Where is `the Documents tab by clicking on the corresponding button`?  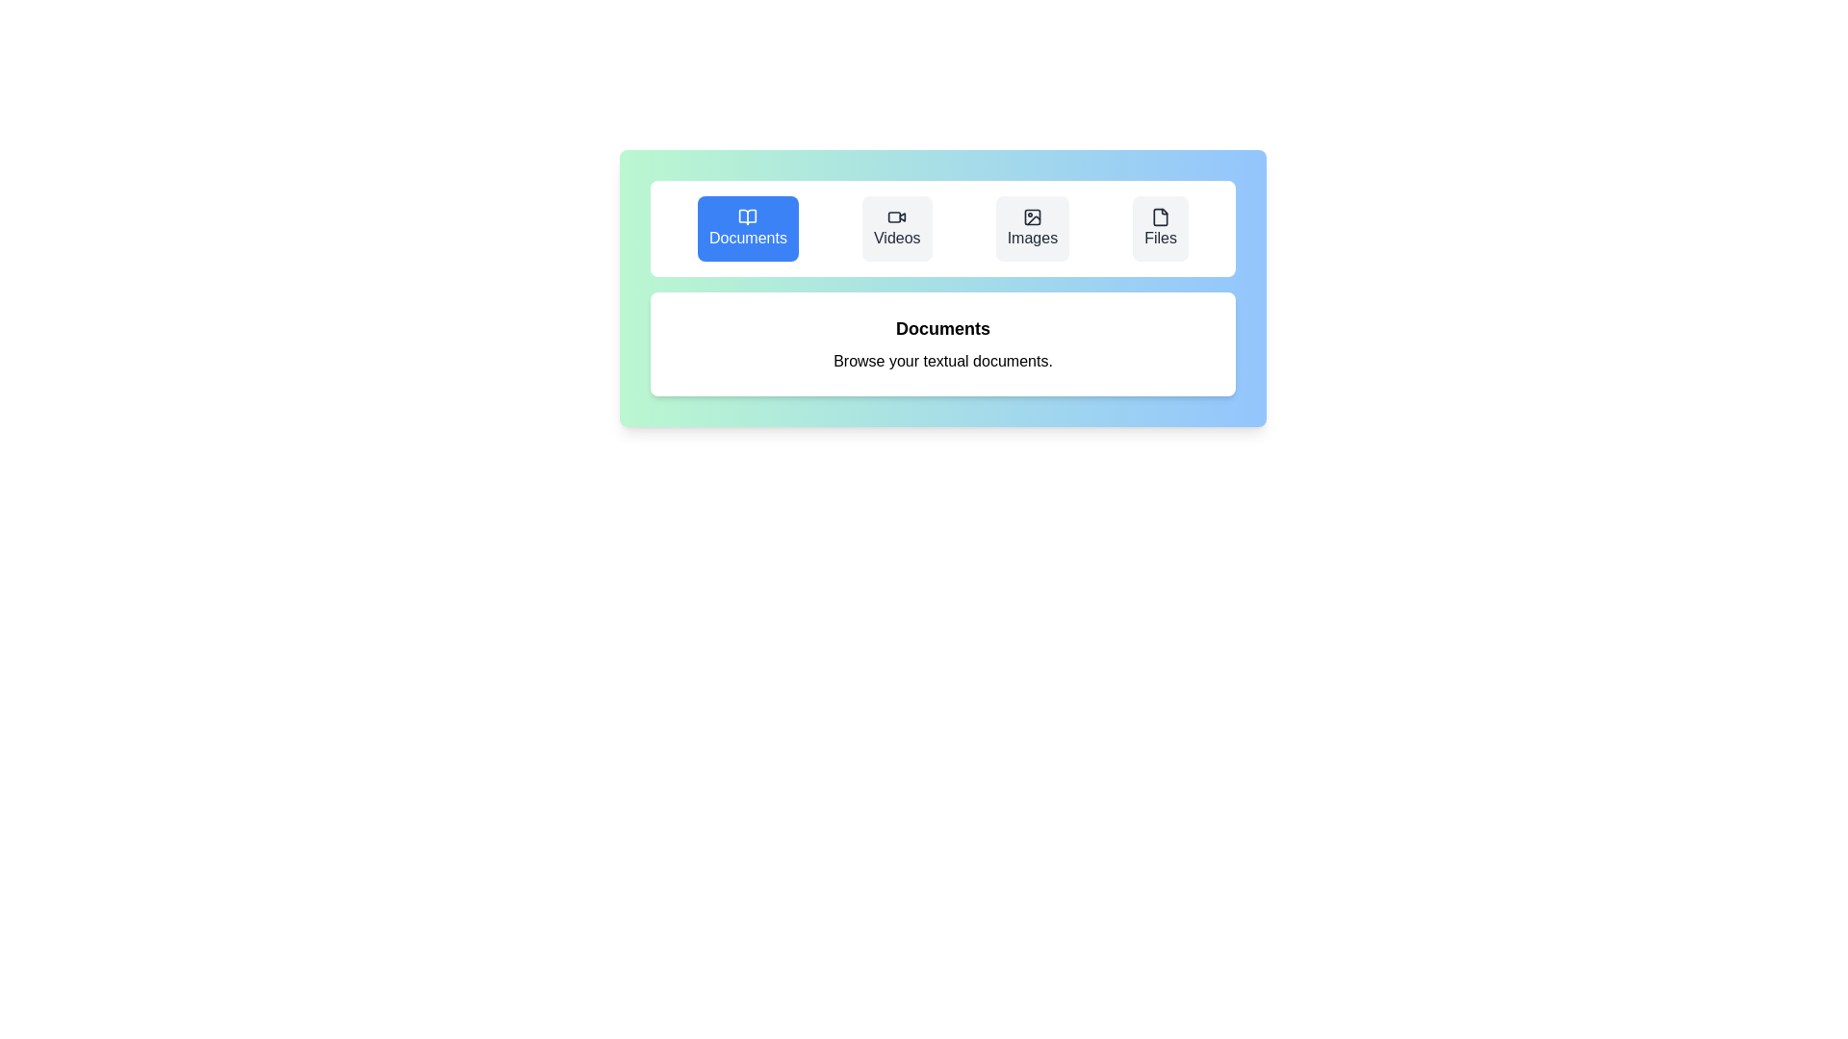 the Documents tab by clicking on the corresponding button is located at coordinates (747, 228).